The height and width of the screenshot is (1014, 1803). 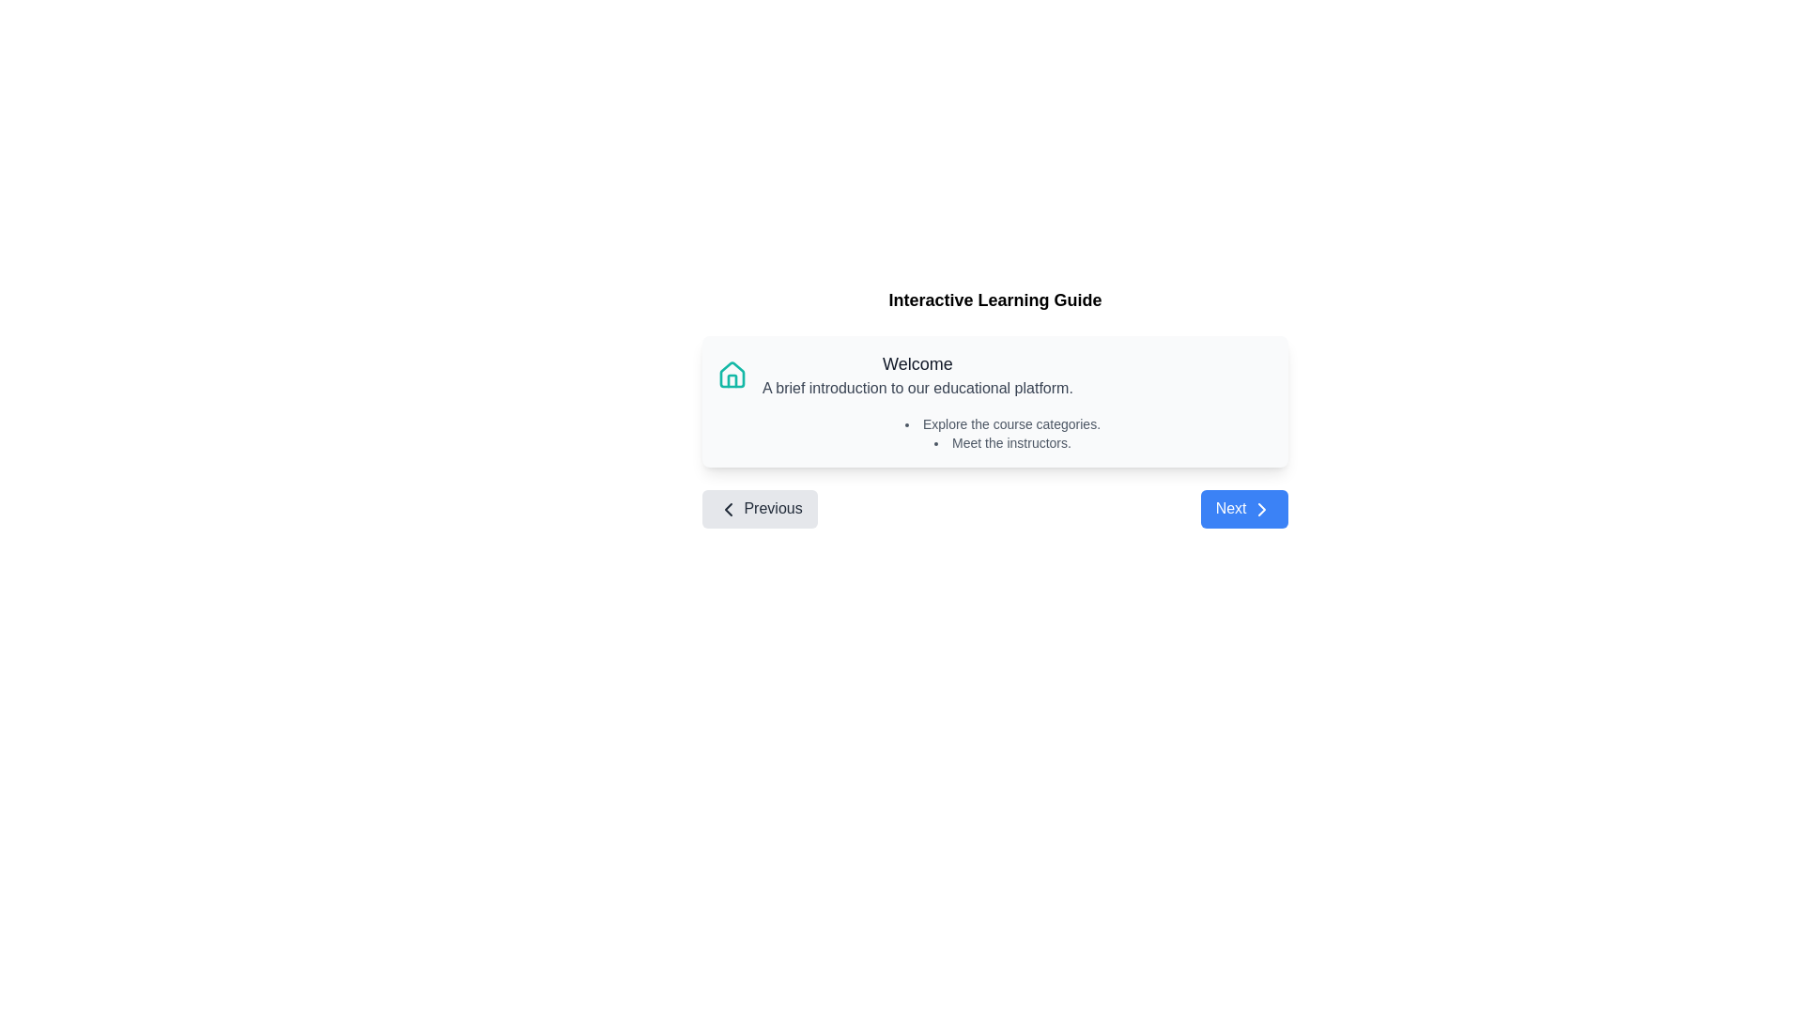 What do you see at coordinates (1002, 442) in the screenshot?
I see `the static text element that reads 'Meet the instructors.', which is styled as a bullet point item in a list, located in the second position of the instructional guide panel` at bounding box center [1002, 442].